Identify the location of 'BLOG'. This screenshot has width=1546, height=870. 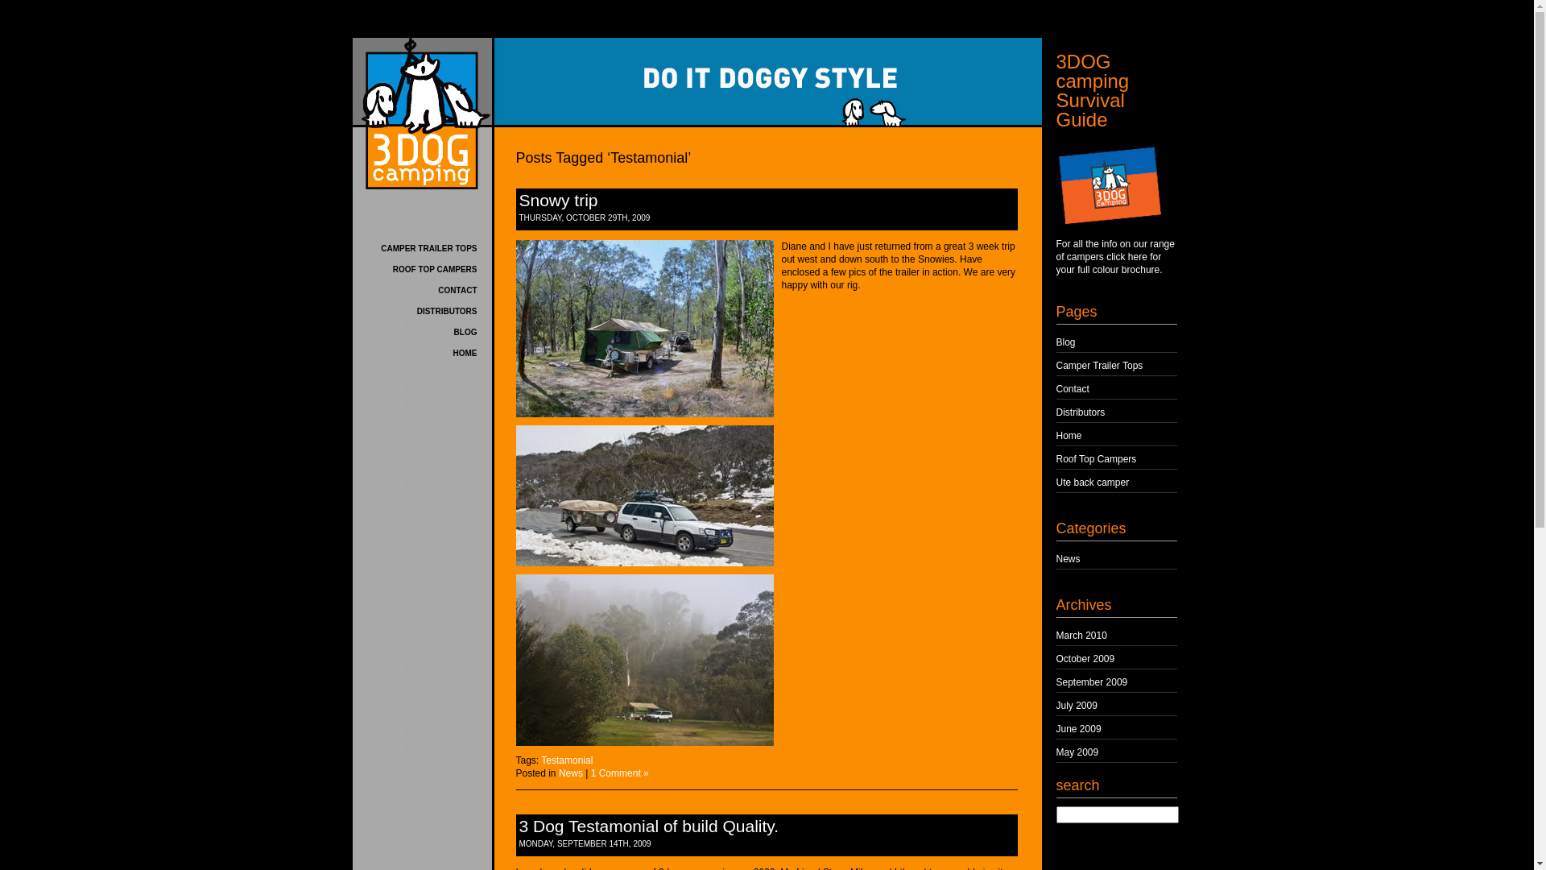
(465, 331).